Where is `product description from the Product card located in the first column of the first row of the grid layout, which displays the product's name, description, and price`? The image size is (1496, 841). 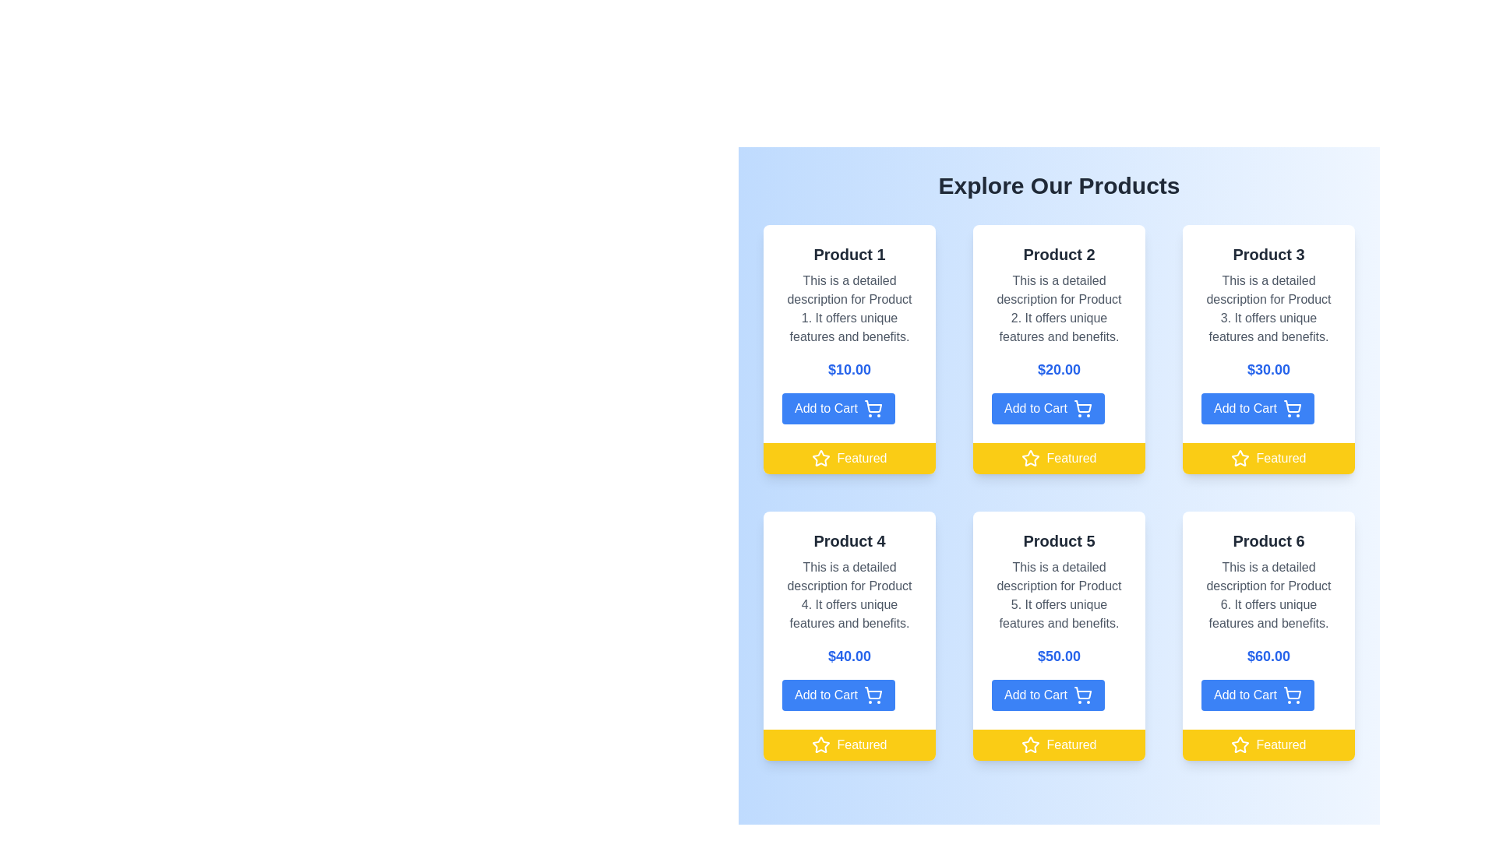
product description from the Product card located in the first column of the first row of the grid layout, which displays the product's name, description, and price is located at coordinates (849, 333).